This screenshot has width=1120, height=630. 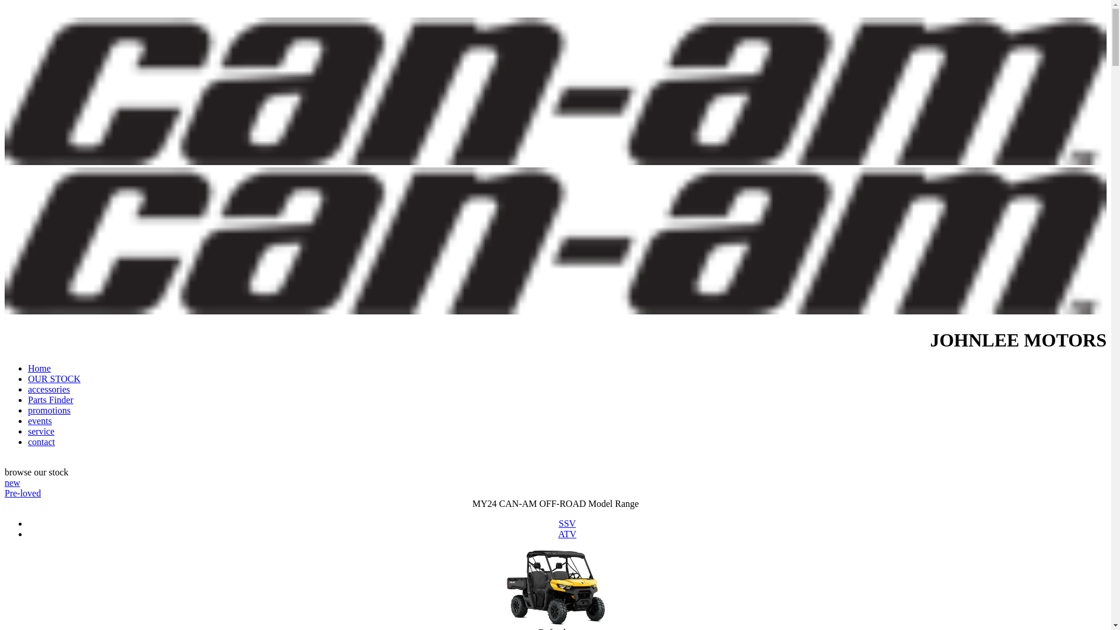 What do you see at coordinates (28, 431) in the screenshot?
I see `'service'` at bounding box center [28, 431].